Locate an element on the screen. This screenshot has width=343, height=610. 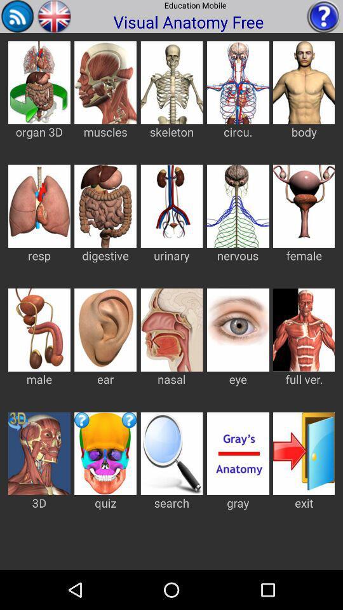
wifi is located at coordinates (17, 15).